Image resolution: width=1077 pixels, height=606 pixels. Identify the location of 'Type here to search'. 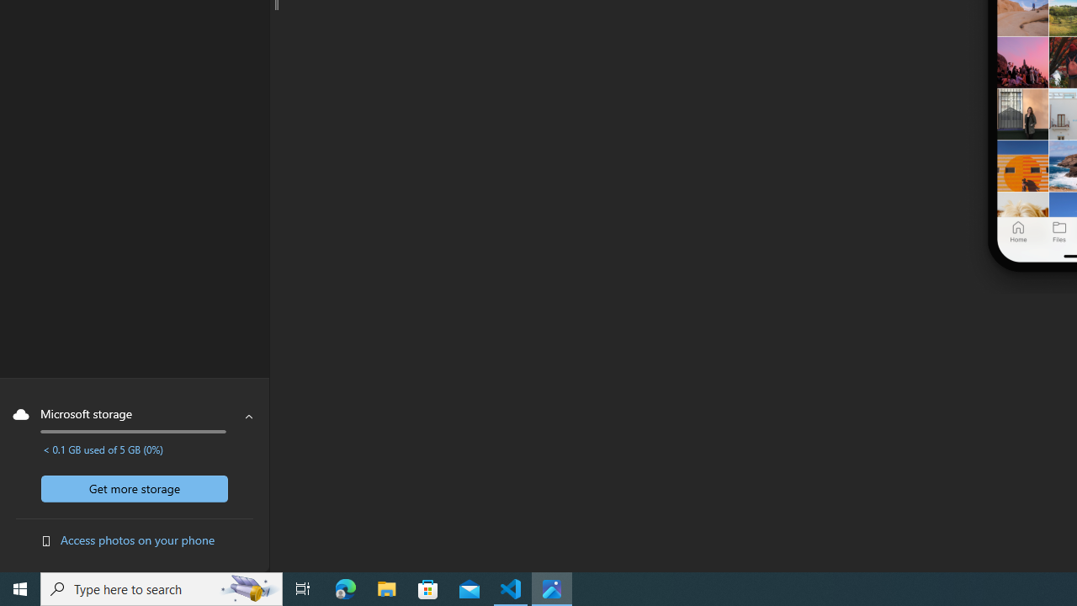
(162, 587).